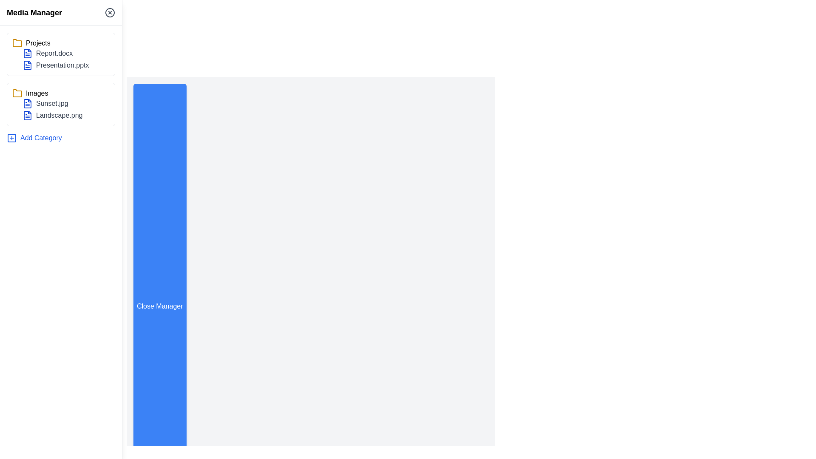  Describe the element at coordinates (34, 13) in the screenshot. I see `the 'Media Manager' text label located in the top-left corner of the sidebar, which is part of the header section and visually distinct with a bold font against a white background` at that location.